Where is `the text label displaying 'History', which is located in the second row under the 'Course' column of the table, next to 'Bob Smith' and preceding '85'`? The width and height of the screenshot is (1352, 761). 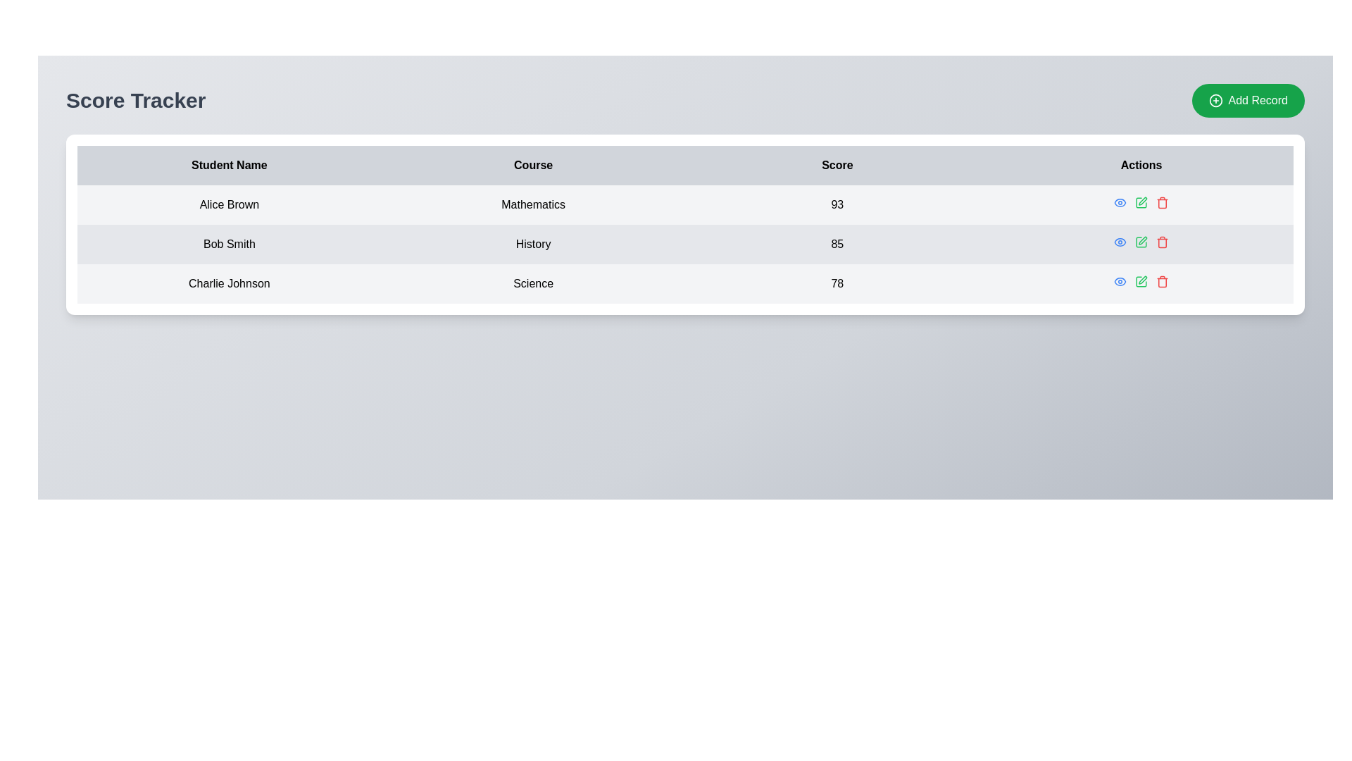 the text label displaying 'History', which is located in the second row under the 'Course' column of the table, next to 'Bob Smith' and preceding '85' is located at coordinates (532, 244).